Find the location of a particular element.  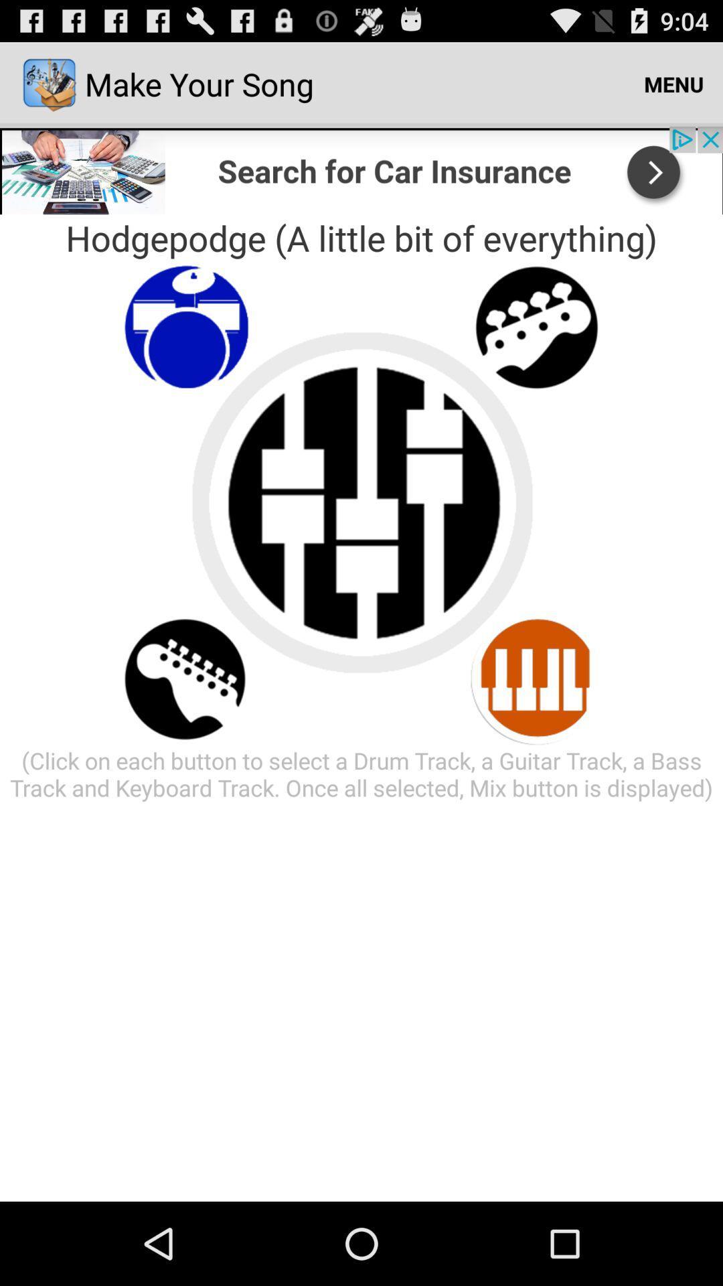

play is located at coordinates (536, 678).